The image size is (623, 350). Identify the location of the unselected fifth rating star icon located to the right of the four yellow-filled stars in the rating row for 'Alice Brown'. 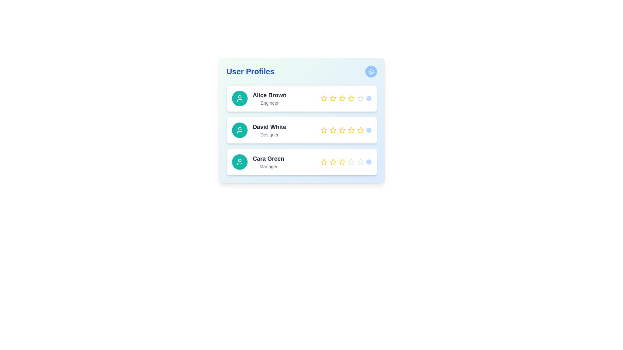
(360, 98).